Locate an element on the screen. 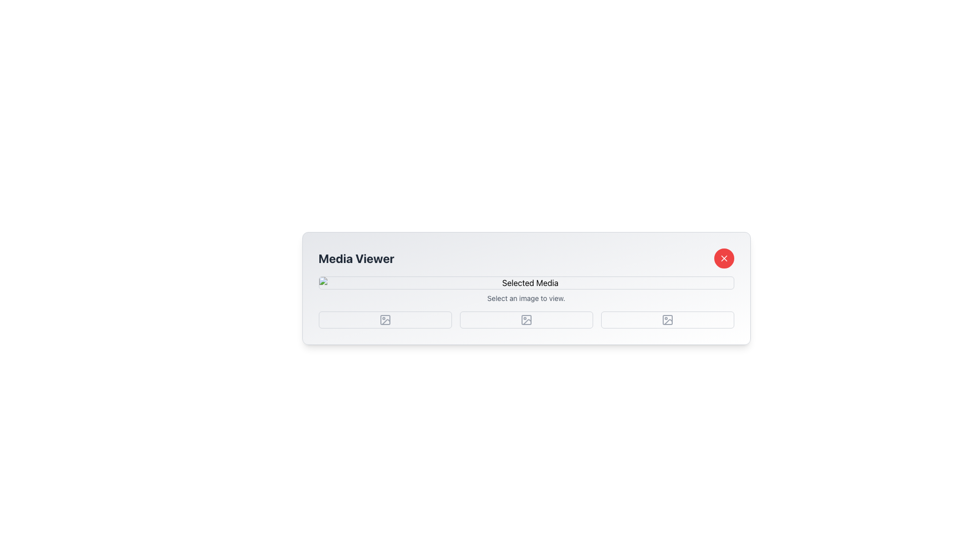  the media upload button located in the bottom left section of the interface, which is the first button in a horizontal arrangement of three similar buttons is located at coordinates (384, 320).